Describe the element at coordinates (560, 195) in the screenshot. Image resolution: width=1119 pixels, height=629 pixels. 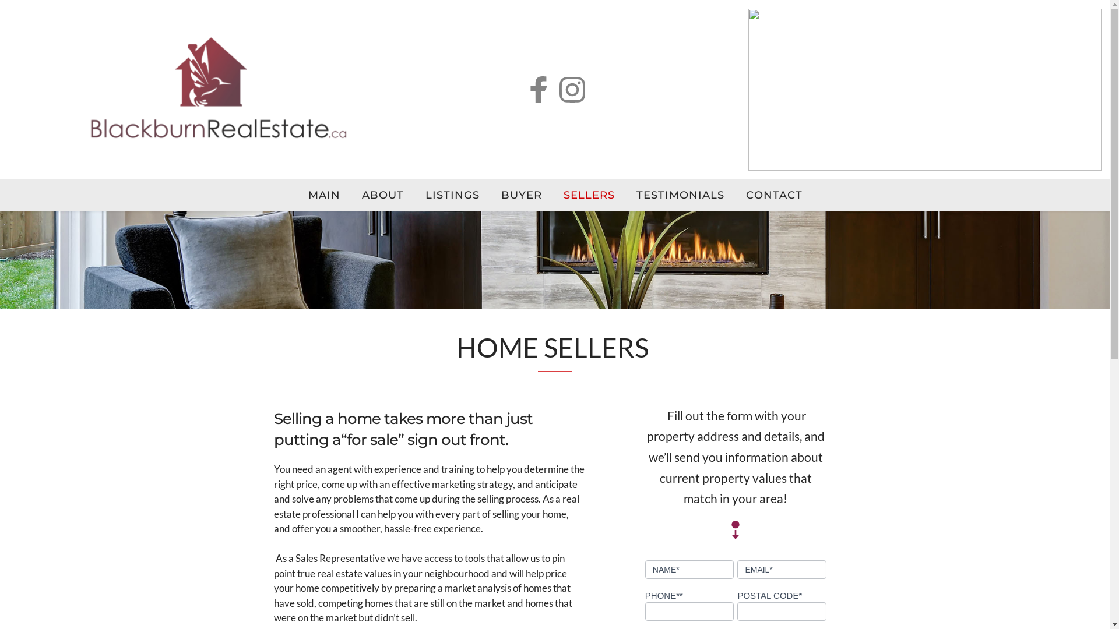
I see `'SELLERS'` at that location.